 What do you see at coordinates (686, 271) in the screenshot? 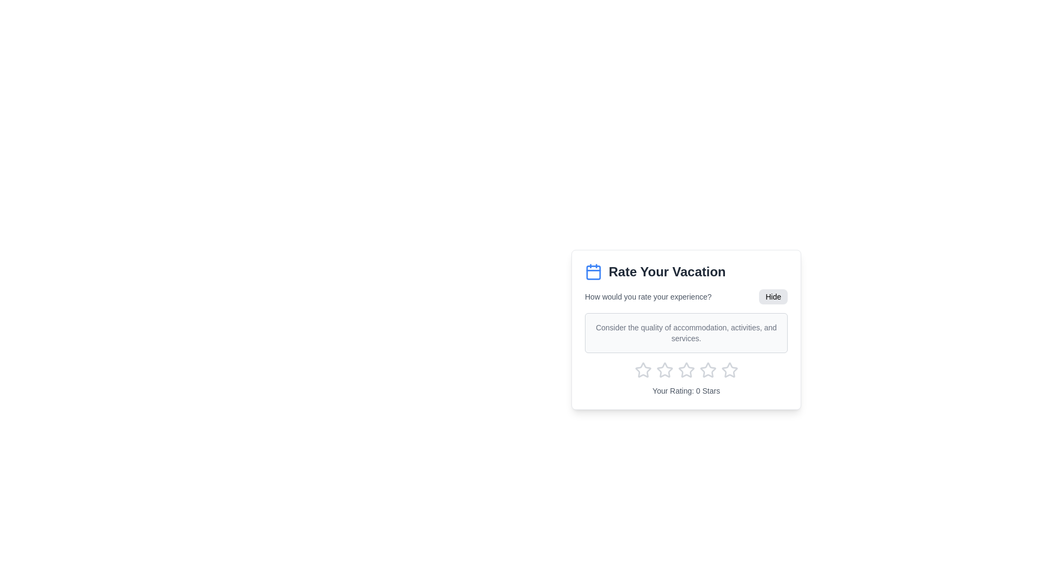
I see `the header element that indicates the purpose of the embedded section related to rating a vacation, positioned above the phrase 'How would you rate your experience?'` at bounding box center [686, 271].